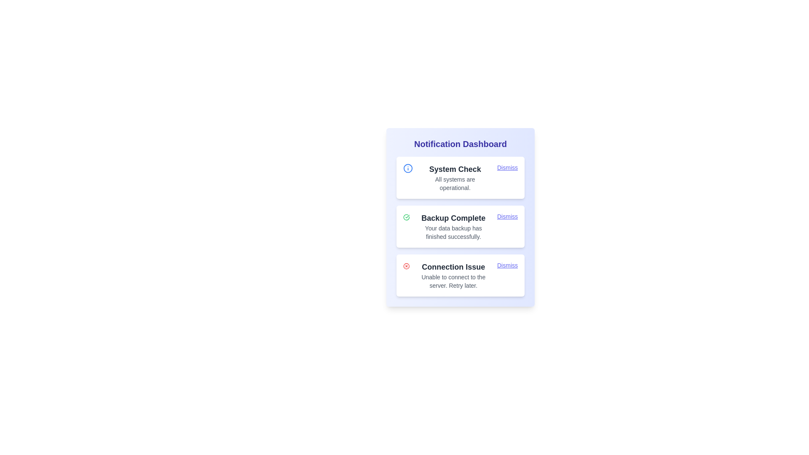  I want to click on the Label or Text Heading at the top of the notification card to trigger the tooltip, so click(455, 169).